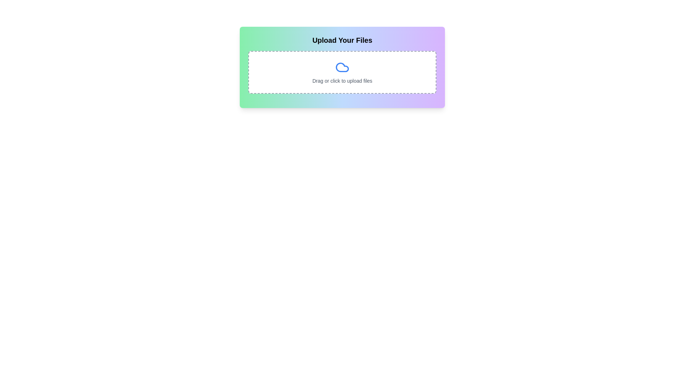 This screenshot has width=684, height=385. Describe the element at coordinates (342, 67) in the screenshot. I see `the cloud icon representing the file upload area, which is located above the text 'Drag or click to upload files.'` at that location.